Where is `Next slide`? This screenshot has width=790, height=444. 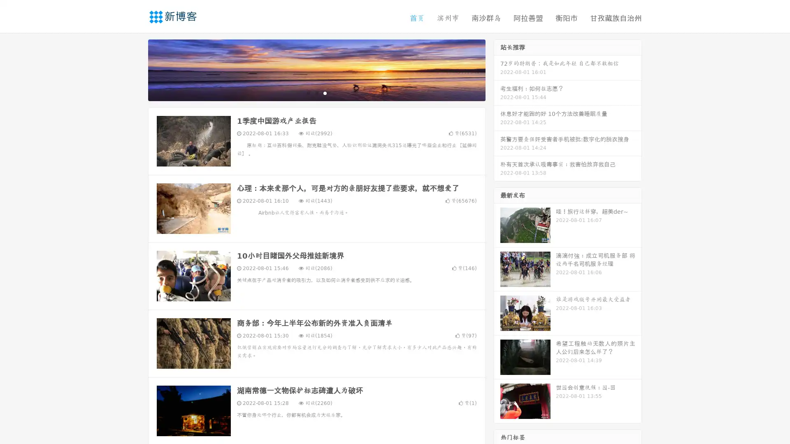 Next slide is located at coordinates (497, 69).